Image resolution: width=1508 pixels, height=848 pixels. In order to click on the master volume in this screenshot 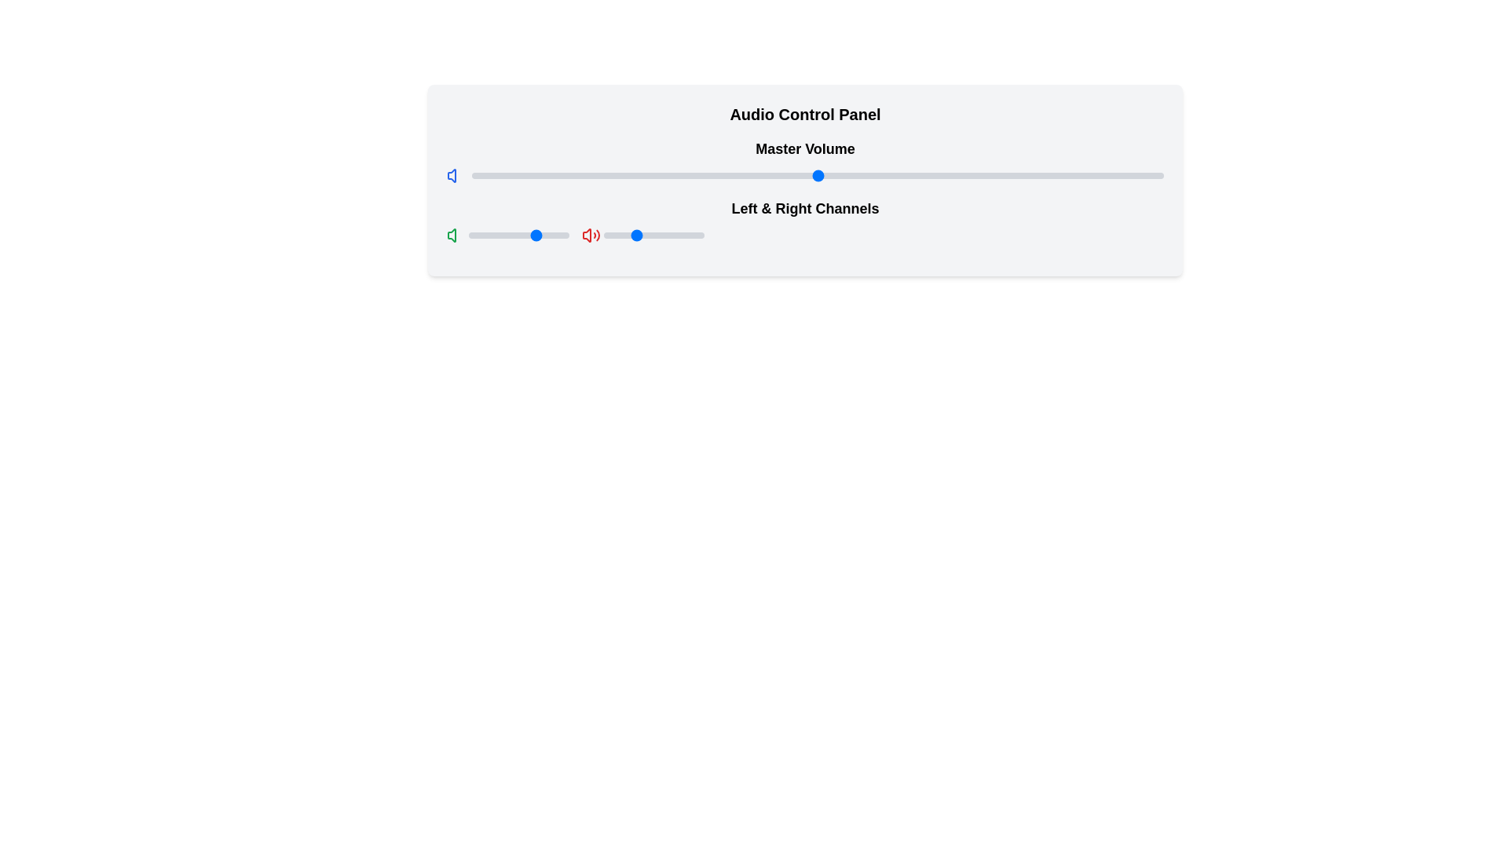, I will do `click(769, 175)`.